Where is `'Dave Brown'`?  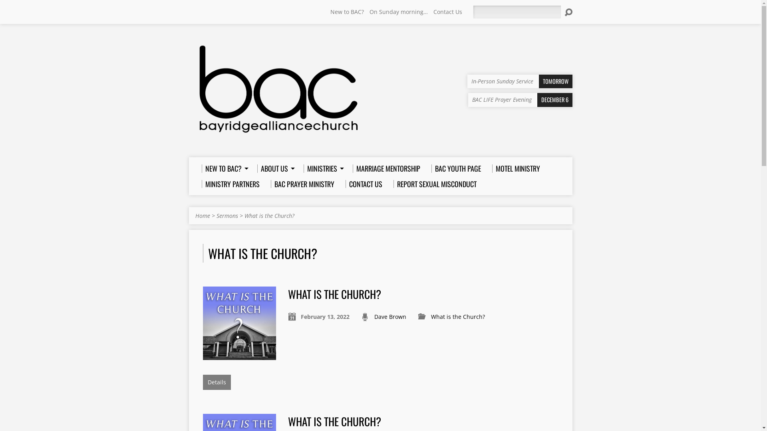
'Dave Brown' is located at coordinates (390, 316).